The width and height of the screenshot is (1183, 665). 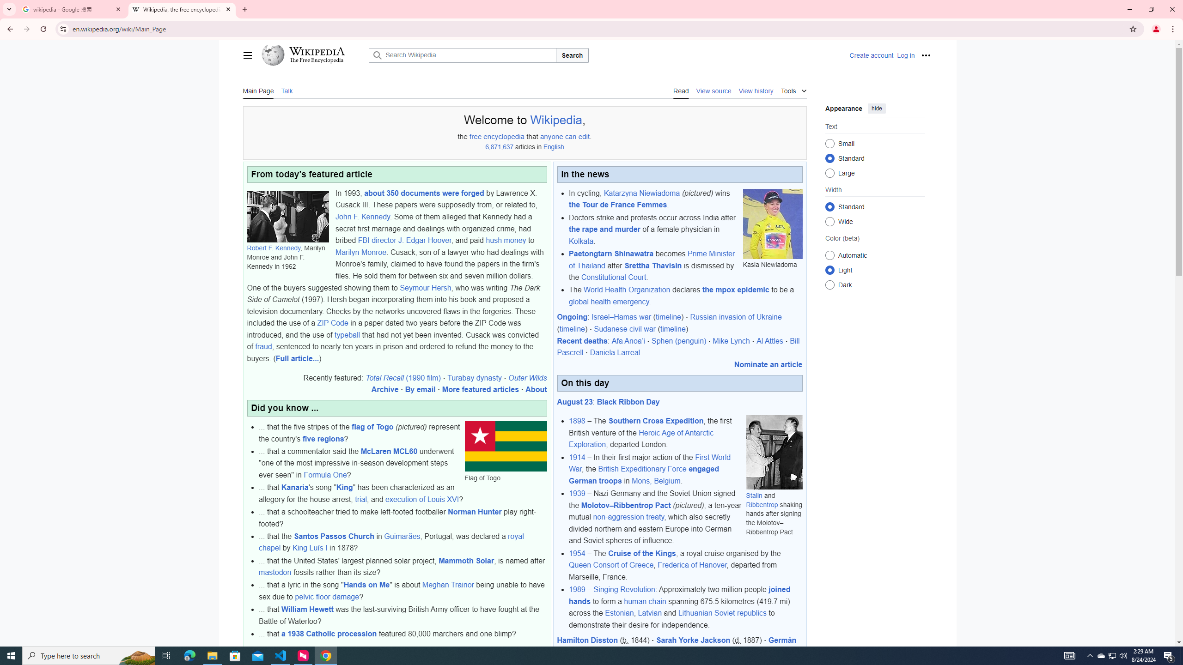 I want to click on '1989', so click(x=577, y=589).